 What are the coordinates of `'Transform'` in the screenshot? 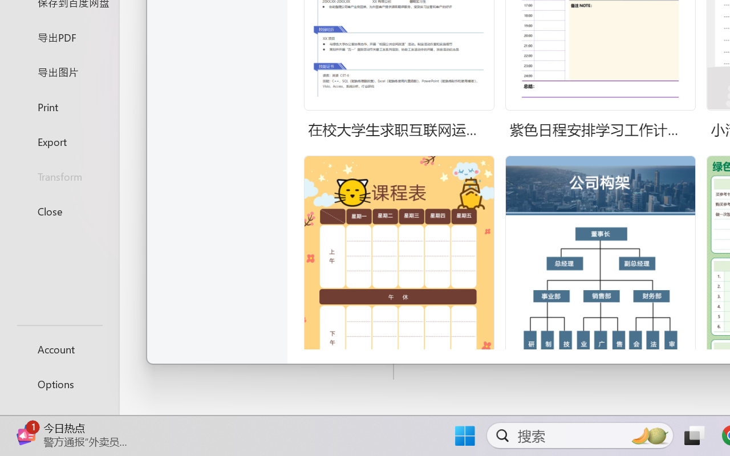 It's located at (59, 176).